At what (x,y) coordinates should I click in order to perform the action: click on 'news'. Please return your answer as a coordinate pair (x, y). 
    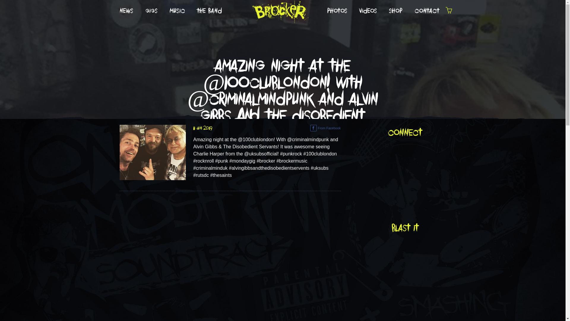
    Looking at the image, I should click on (126, 11).